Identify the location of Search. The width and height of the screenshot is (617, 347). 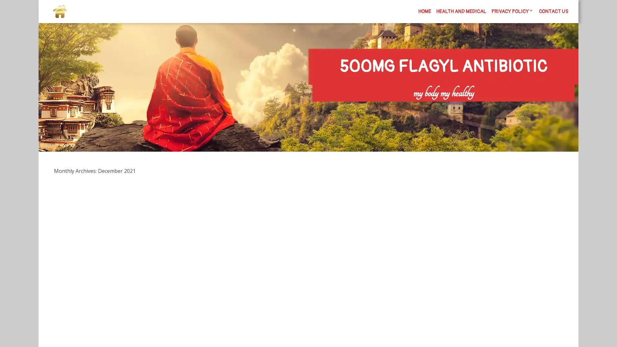
(500, 105).